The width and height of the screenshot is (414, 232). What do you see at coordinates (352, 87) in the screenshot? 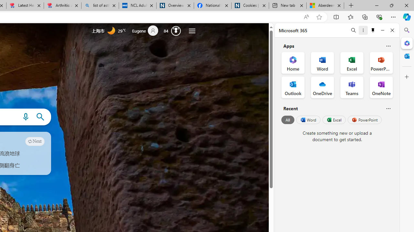
I see `'Teams Office App'` at bounding box center [352, 87].